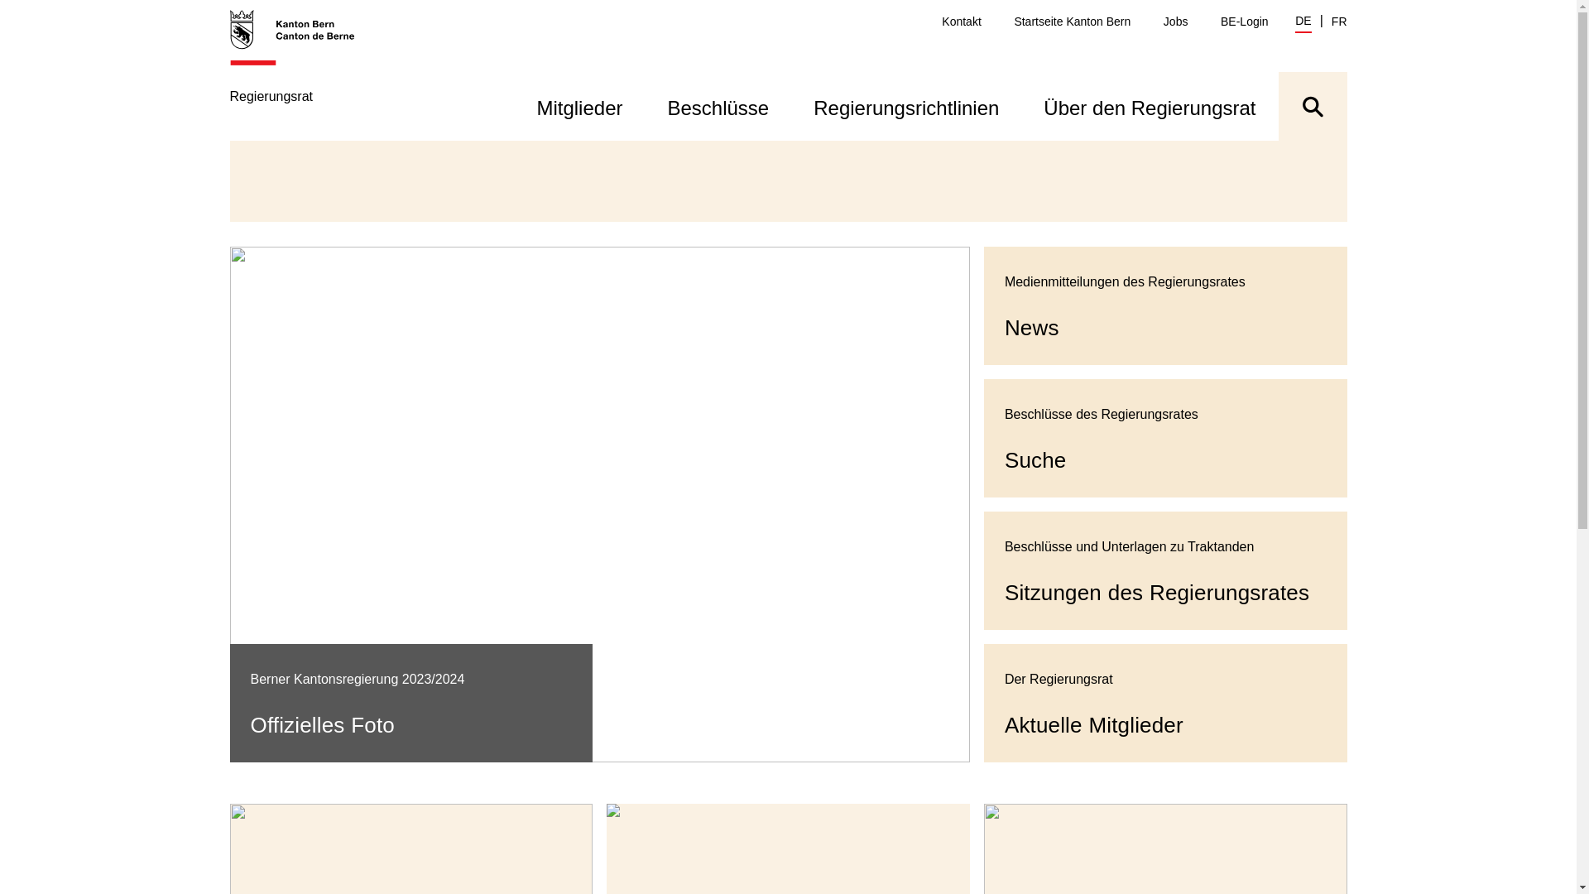  What do you see at coordinates (905, 106) in the screenshot?
I see `'Regierungsrichtlinien'` at bounding box center [905, 106].